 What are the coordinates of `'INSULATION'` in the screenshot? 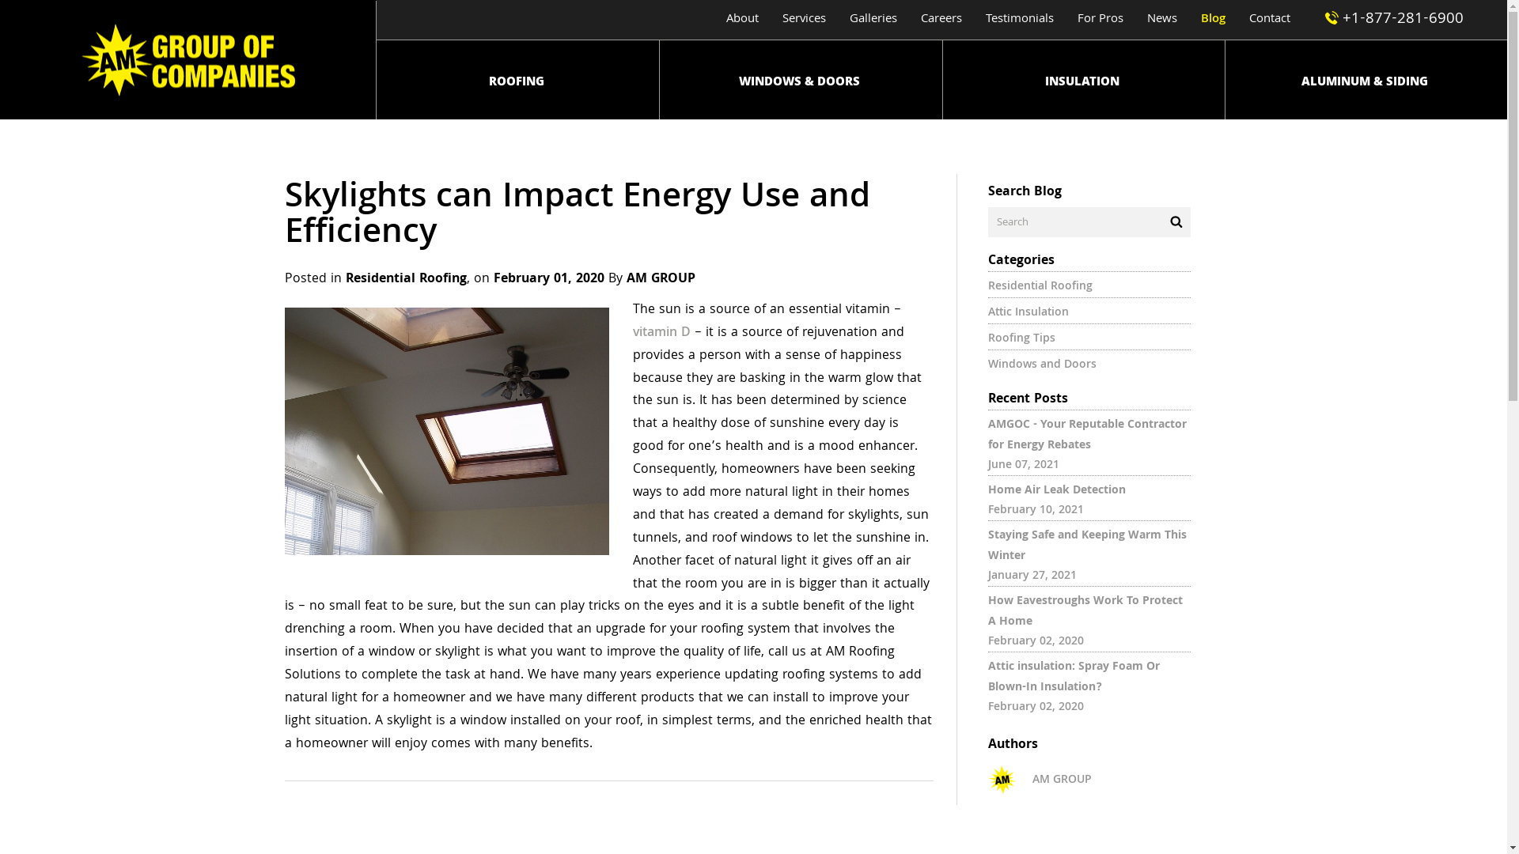 It's located at (1081, 79).